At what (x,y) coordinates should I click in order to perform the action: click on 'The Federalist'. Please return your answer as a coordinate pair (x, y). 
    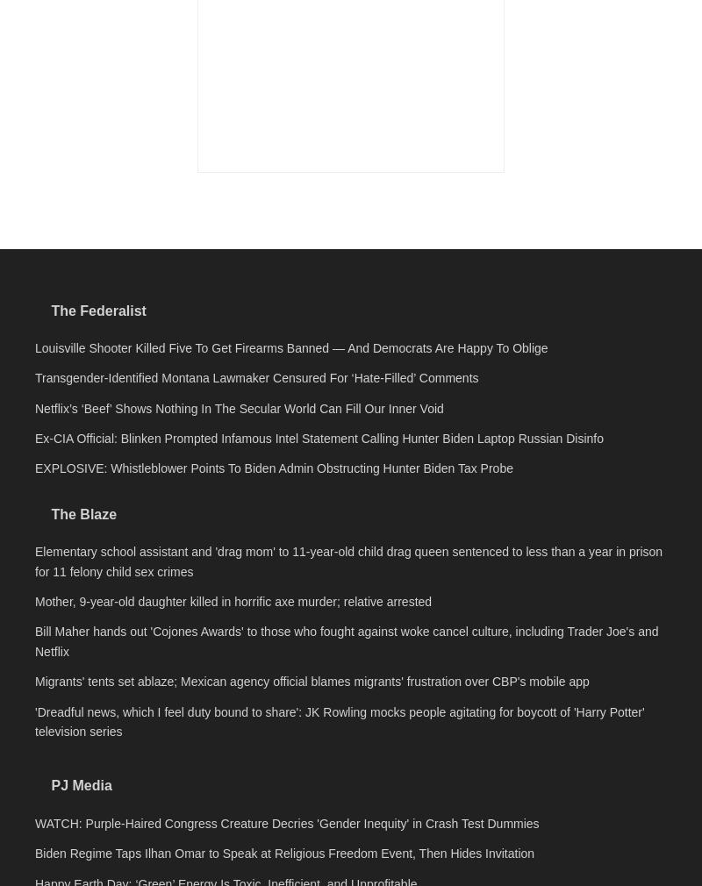
    Looking at the image, I should click on (97, 554).